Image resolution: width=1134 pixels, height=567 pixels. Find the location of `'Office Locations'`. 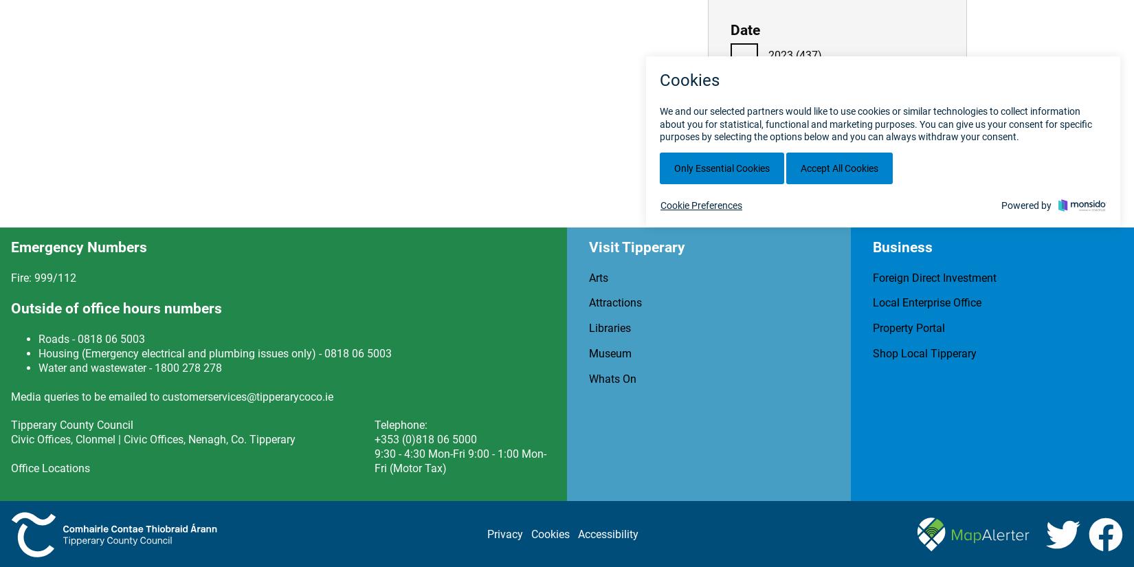

'Office Locations' is located at coordinates (50, 467).